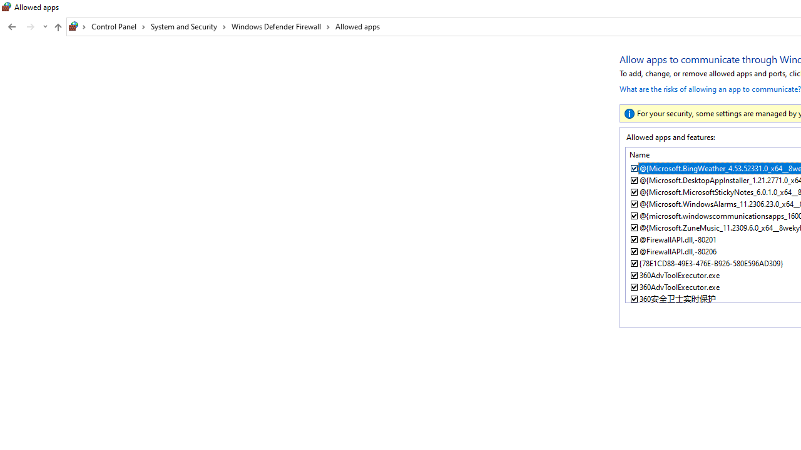 This screenshot has height=450, width=801. Describe the element at coordinates (118, 26) in the screenshot. I see `'Control Panel'` at that location.